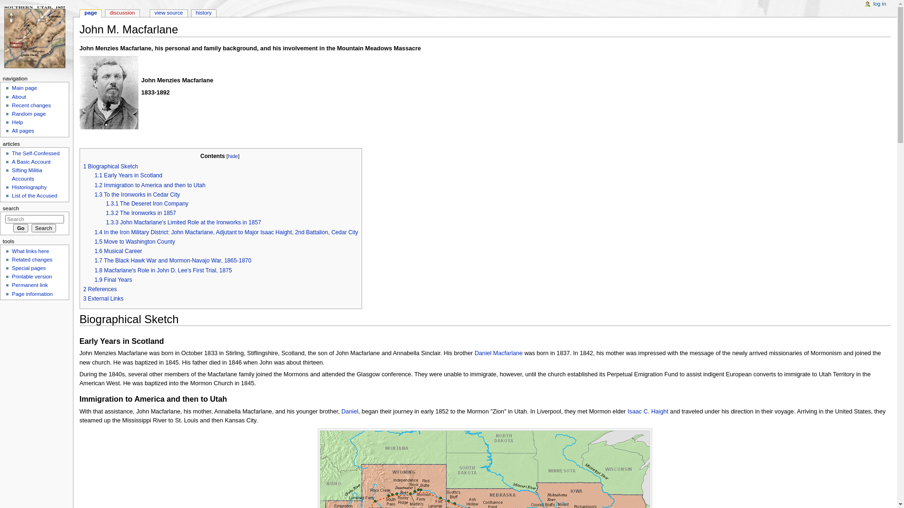  I want to click on 'Isaac C. Haight', so click(647, 411).